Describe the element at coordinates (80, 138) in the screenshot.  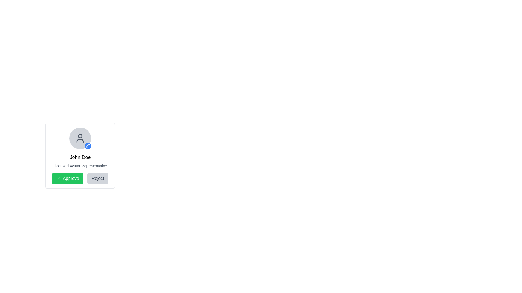
I see `the circular user avatar with a gray background and a blue badge containing a white pen icon, located above the text 'John Doe' and 'Licensed Avatar Representative'` at that location.